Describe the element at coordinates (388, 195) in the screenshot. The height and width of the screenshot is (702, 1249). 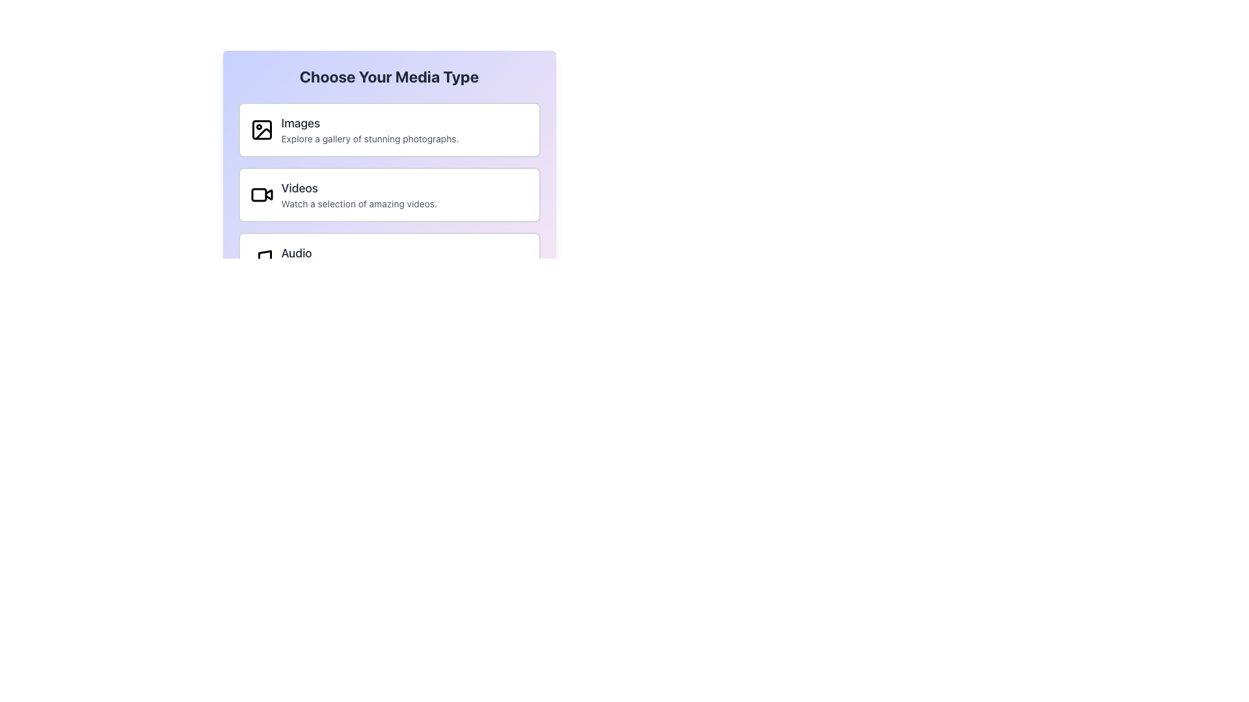
I see `the 'Videos' selectable card-like UI component located centrally in the options list, positioned between 'Images' and 'Audio'` at that location.